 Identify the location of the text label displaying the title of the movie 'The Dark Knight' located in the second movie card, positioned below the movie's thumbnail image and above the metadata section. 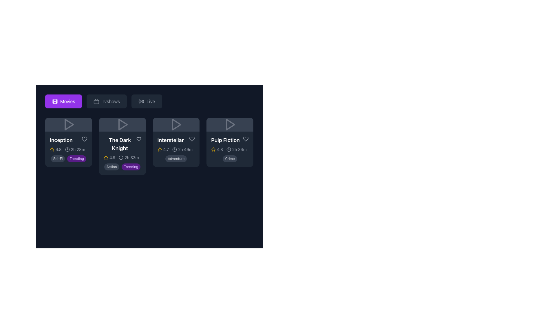
(120, 144).